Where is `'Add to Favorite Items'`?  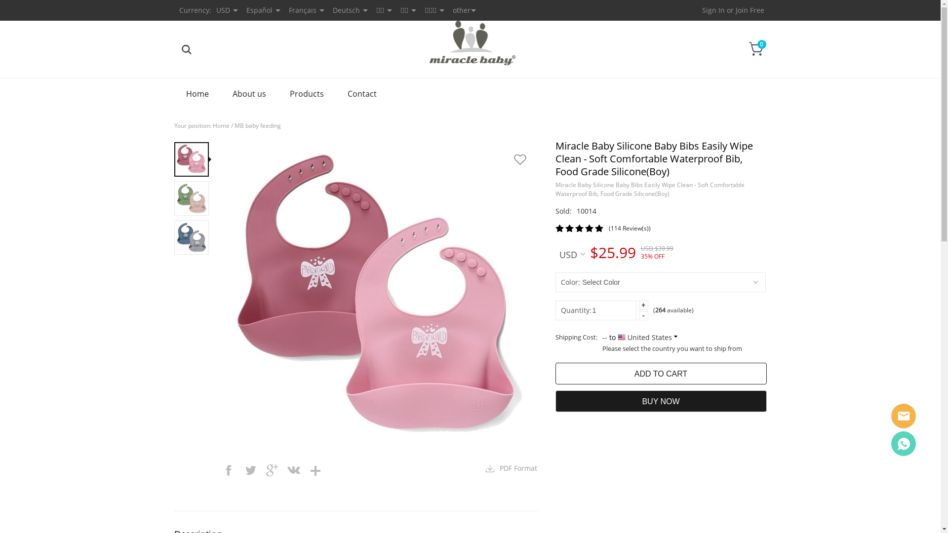 'Add to Favorite Items' is located at coordinates (507, 159).